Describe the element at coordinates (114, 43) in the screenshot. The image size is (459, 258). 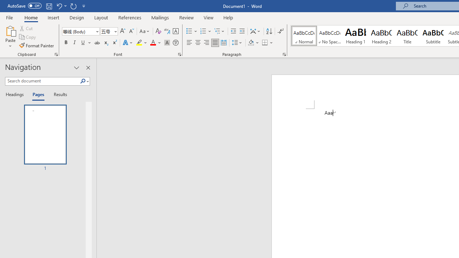
I see `'Superscript'` at that location.